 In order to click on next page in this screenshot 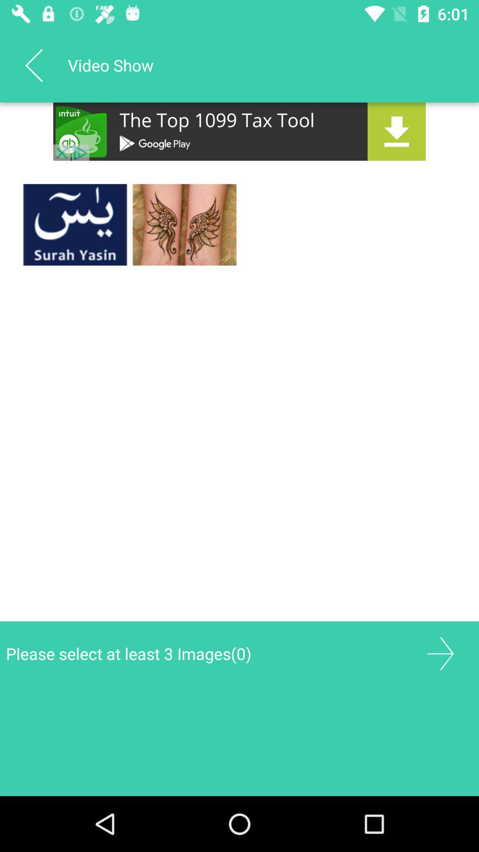, I will do `click(440, 654)`.